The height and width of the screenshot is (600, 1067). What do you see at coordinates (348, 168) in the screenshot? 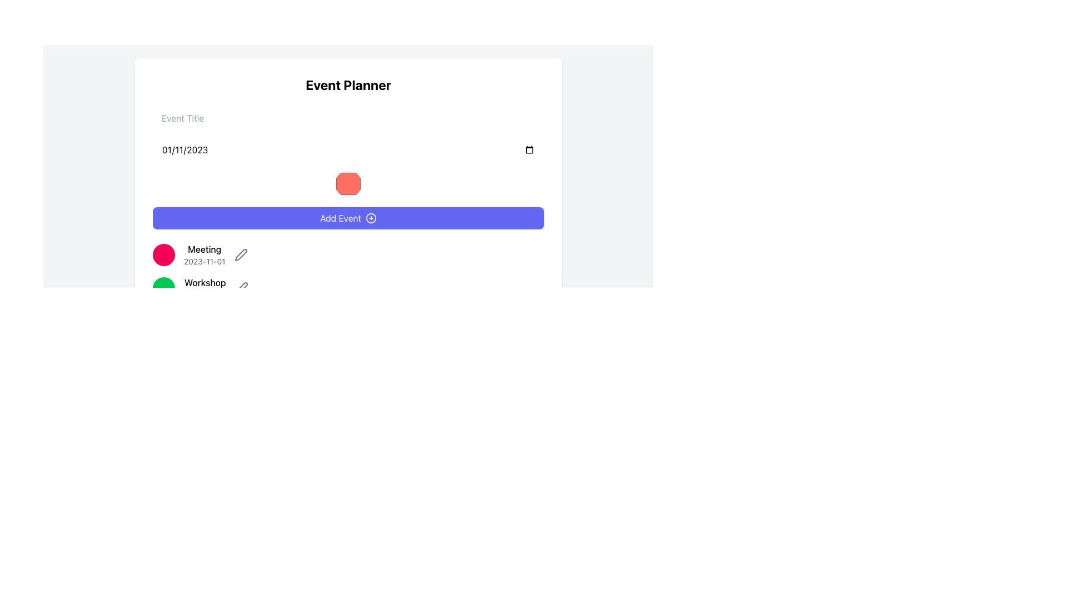
I see `the octagonal color picker highlighted with a red hue in the event creation form by` at bounding box center [348, 168].